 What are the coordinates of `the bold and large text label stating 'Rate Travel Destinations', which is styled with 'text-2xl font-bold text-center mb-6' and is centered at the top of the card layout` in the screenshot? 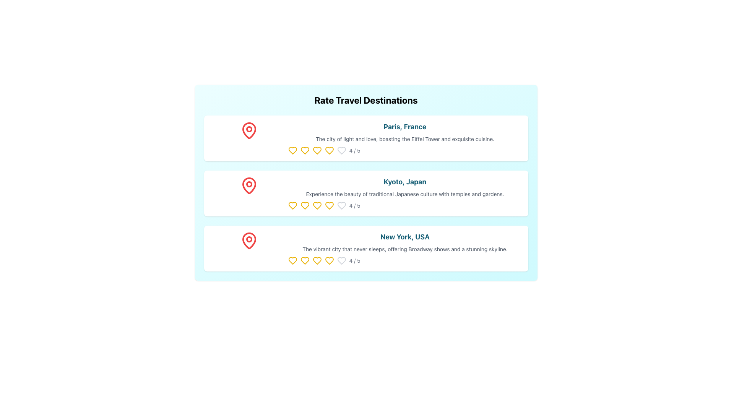 It's located at (365, 100).